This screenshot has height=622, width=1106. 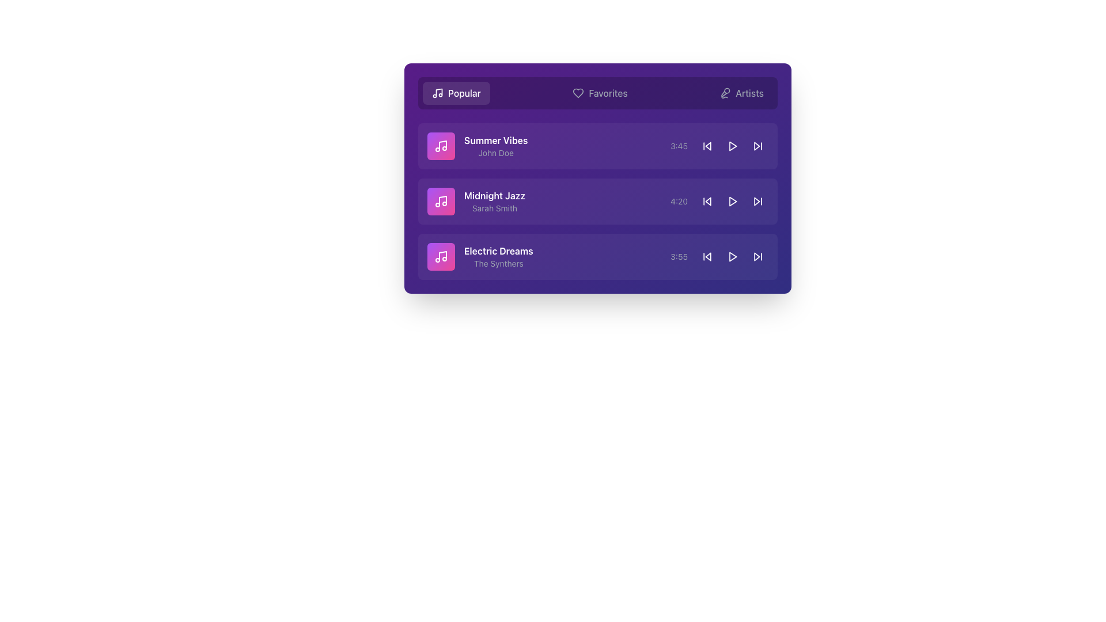 What do you see at coordinates (498, 264) in the screenshot?
I see `text label that indicates details about the associated music track, located beneath the title 'Electric Dreams'` at bounding box center [498, 264].